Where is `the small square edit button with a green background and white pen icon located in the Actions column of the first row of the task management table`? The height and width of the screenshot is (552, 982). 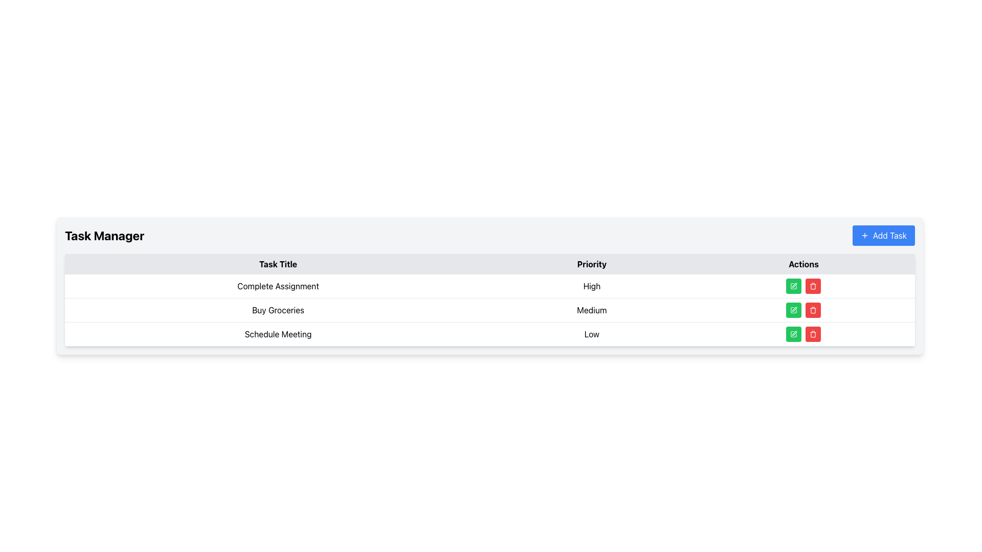 the small square edit button with a green background and white pen icon located in the Actions column of the first row of the task management table is located at coordinates (793, 286).